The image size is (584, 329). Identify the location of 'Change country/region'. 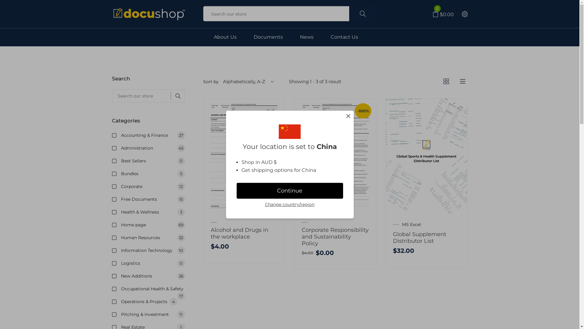
(265, 205).